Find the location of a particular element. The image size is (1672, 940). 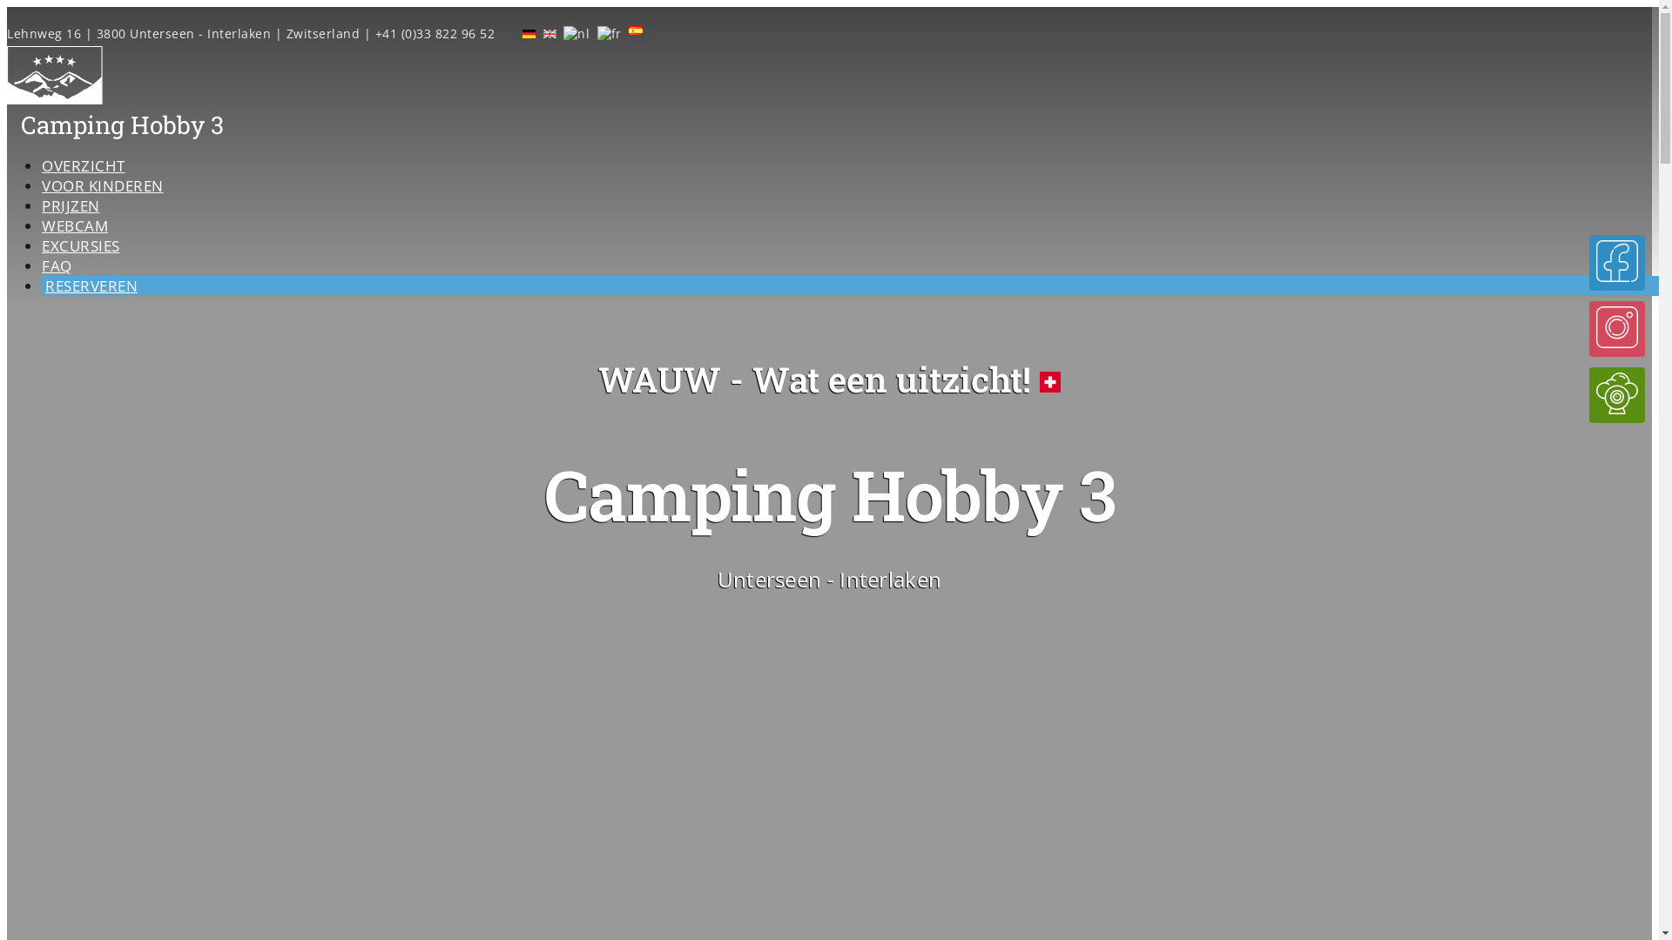

'VOOR KINDEREN' is located at coordinates (102, 185).